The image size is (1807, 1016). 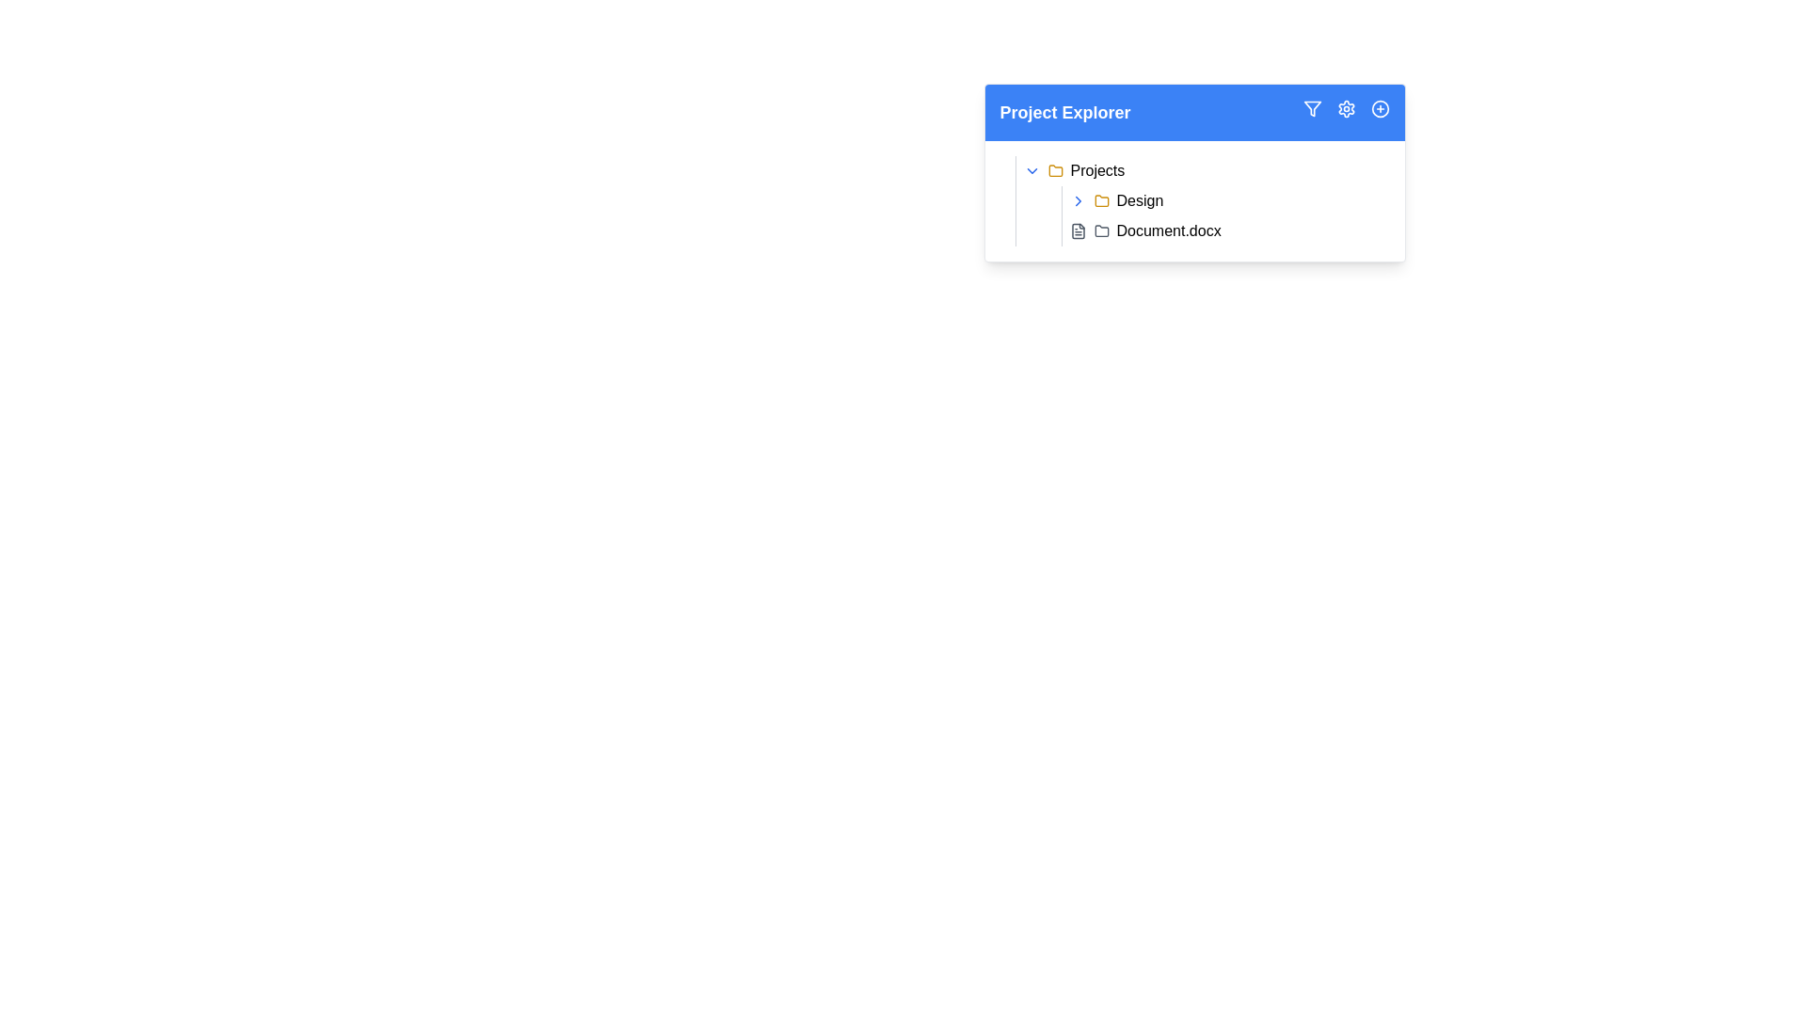 I want to click on the settings button located in the upper right corner of the blue 'Project Explorer' title bar, so click(x=1345, y=108).